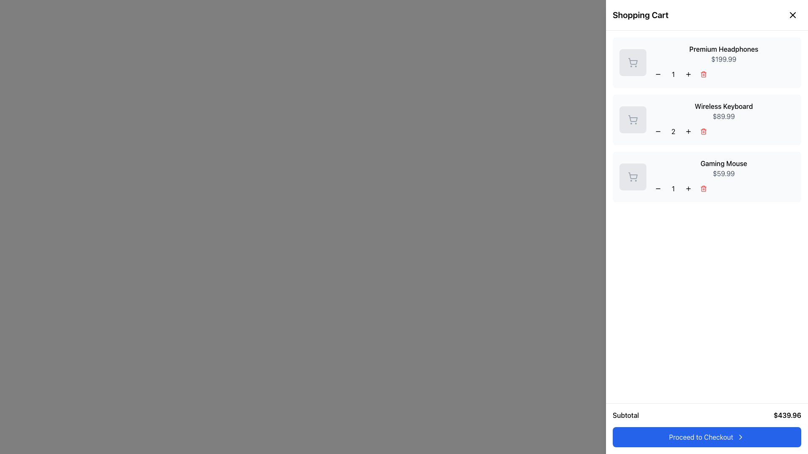 This screenshot has width=808, height=454. I want to click on the second list item in the shopping cart, which displays the product name 'Wireless Keyboard' and its price '$89.99', to trigger visual effects, so click(707, 120).